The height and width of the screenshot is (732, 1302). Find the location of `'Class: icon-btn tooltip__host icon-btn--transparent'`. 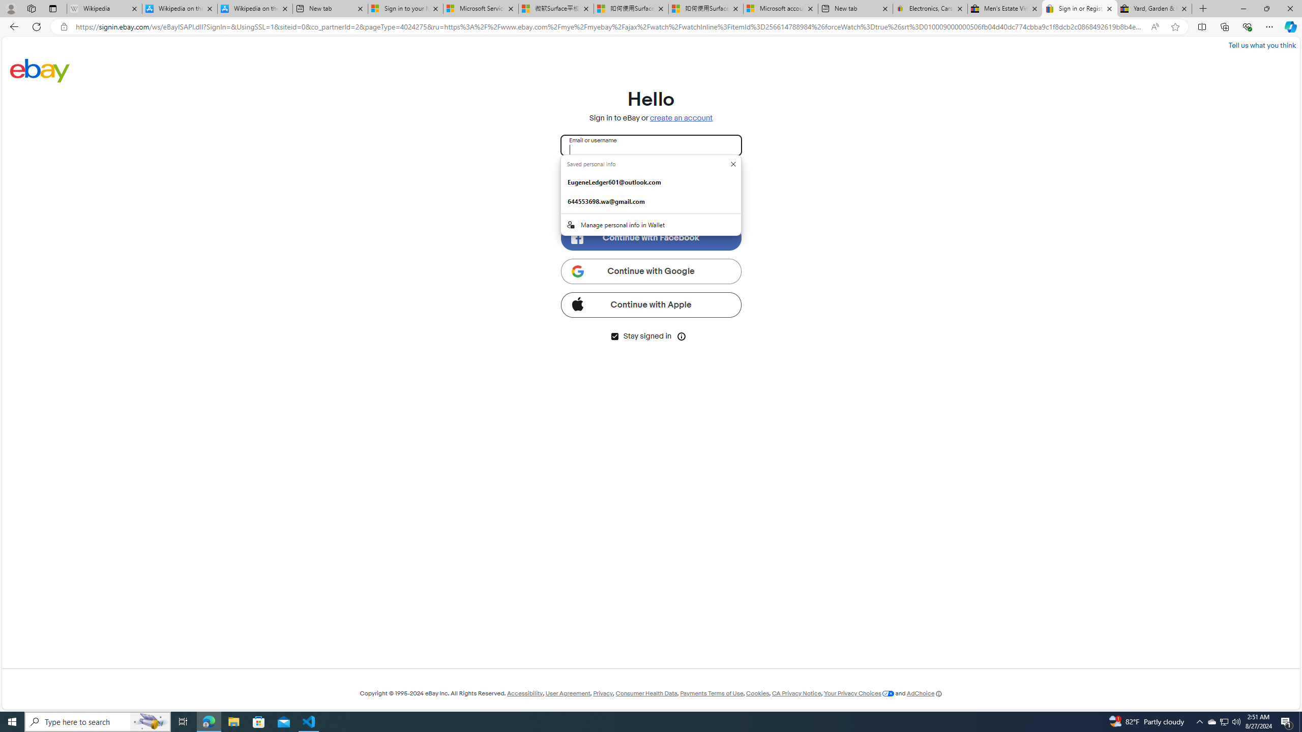

'Class: icon-btn tooltip__host icon-btn--transparent' is located at coordinates (682, 335).